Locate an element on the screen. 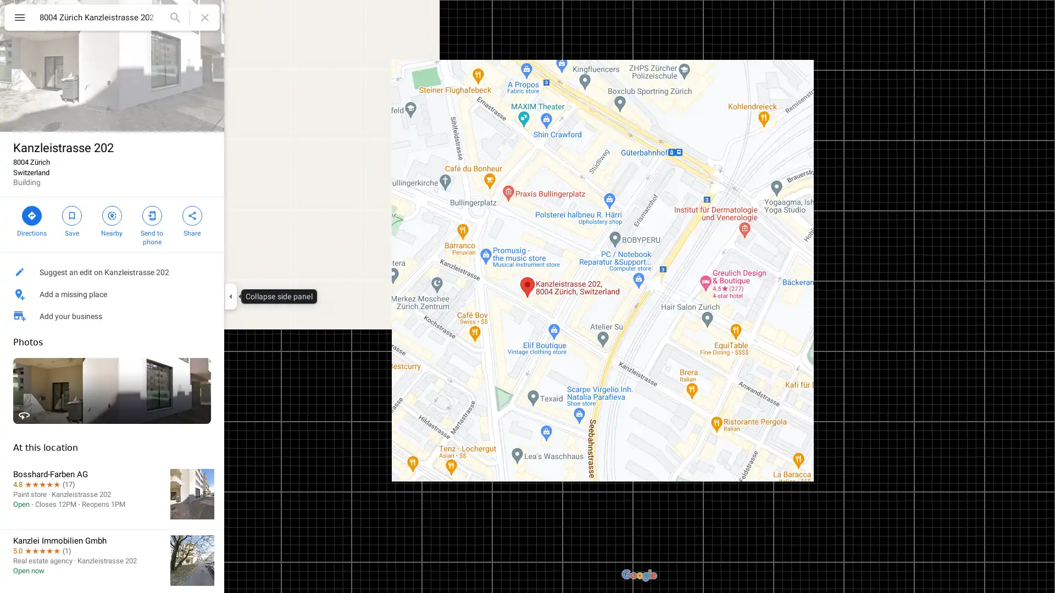 This screenshot has width=1055, height=593. Send Kanzleistrasse 202 to your phone is located at coordinates (151, 223).